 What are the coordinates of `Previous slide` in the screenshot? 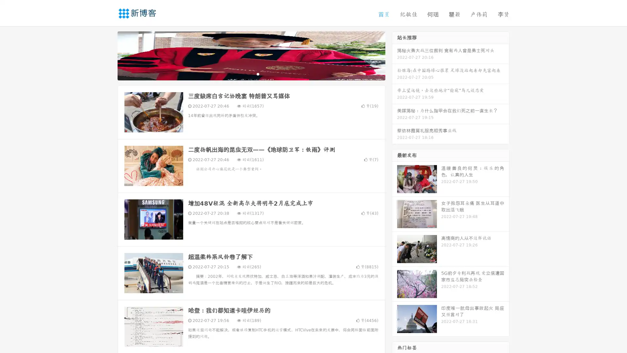 It's located at (108, 55).